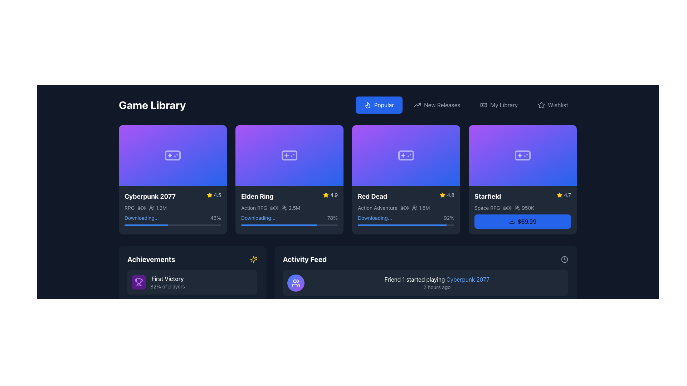 The width and height of the screenshot is (687, 386). Describe the element at coordinates (517, 208) in the screenshot. I see `the user metrics icon located to the left of the '950K' text in the 'Starfield' card within the 'Game Library' section` at that location.